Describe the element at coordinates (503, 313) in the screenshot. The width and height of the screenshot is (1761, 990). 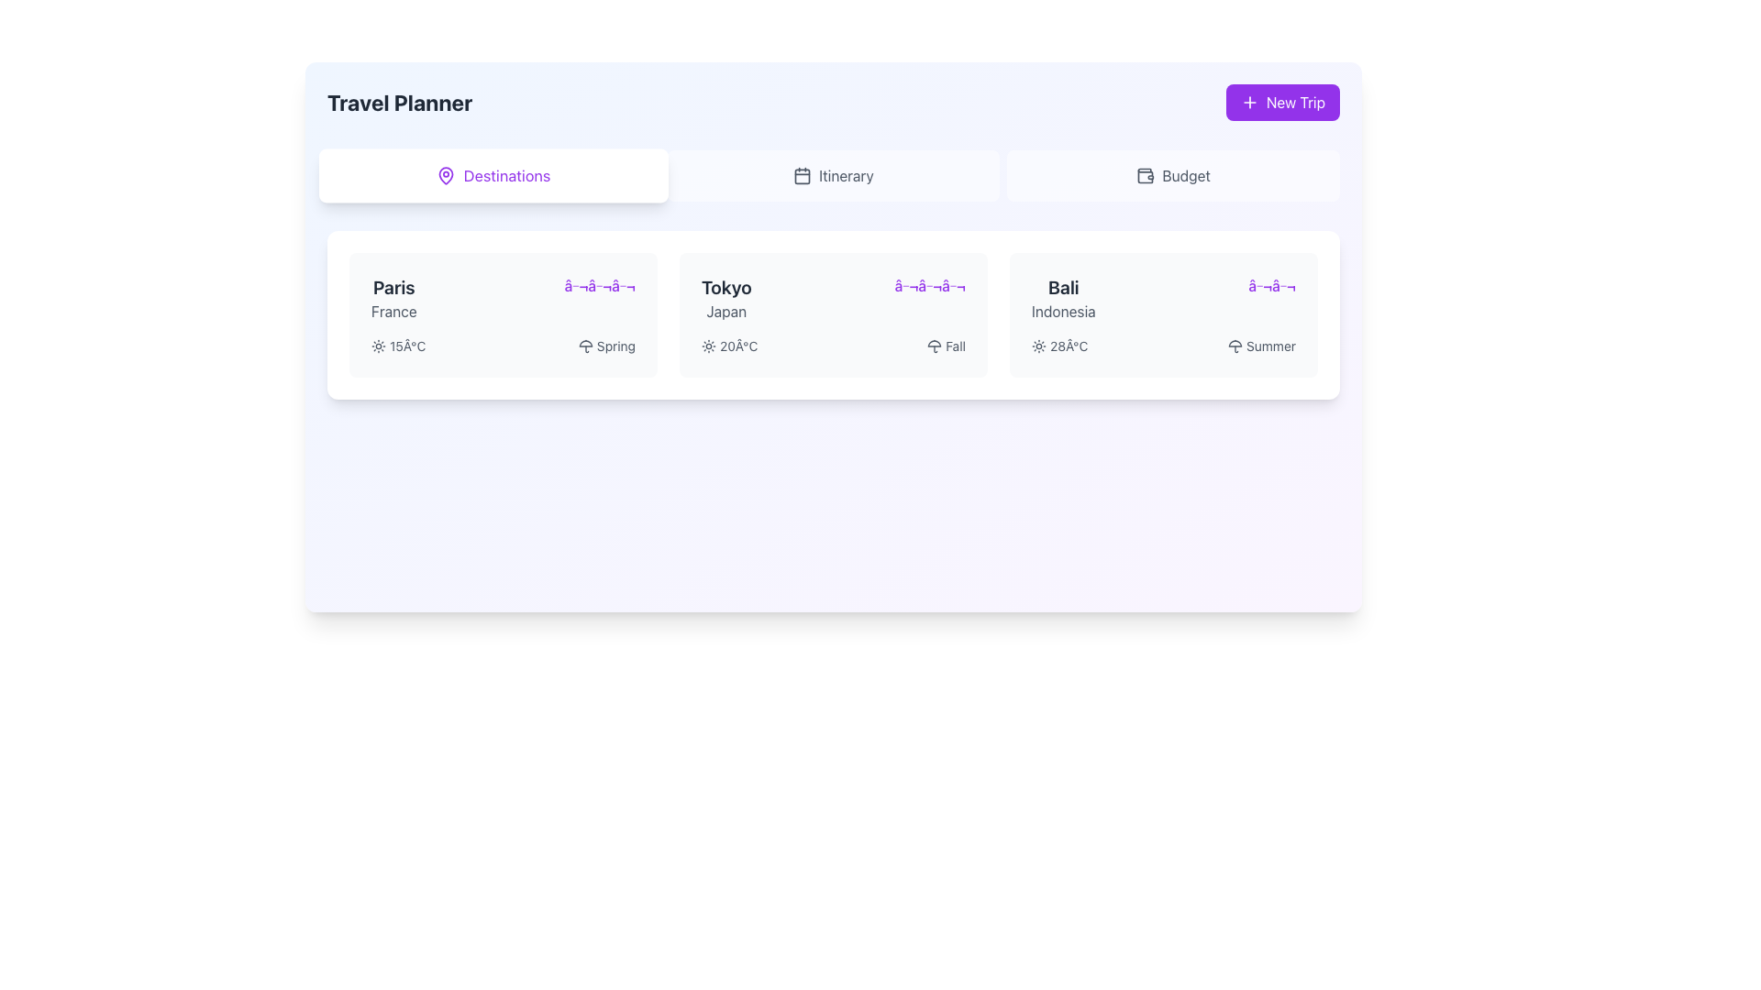
I see `the first Card element in the grid layout` at that location.